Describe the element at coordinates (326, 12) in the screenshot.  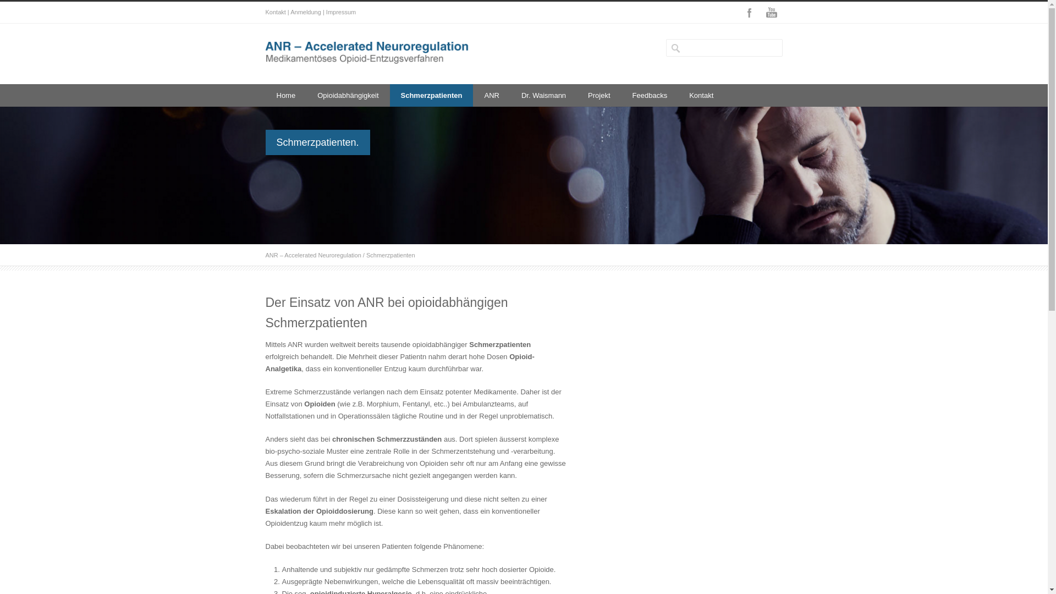
I see `'Impressum'` at that location.